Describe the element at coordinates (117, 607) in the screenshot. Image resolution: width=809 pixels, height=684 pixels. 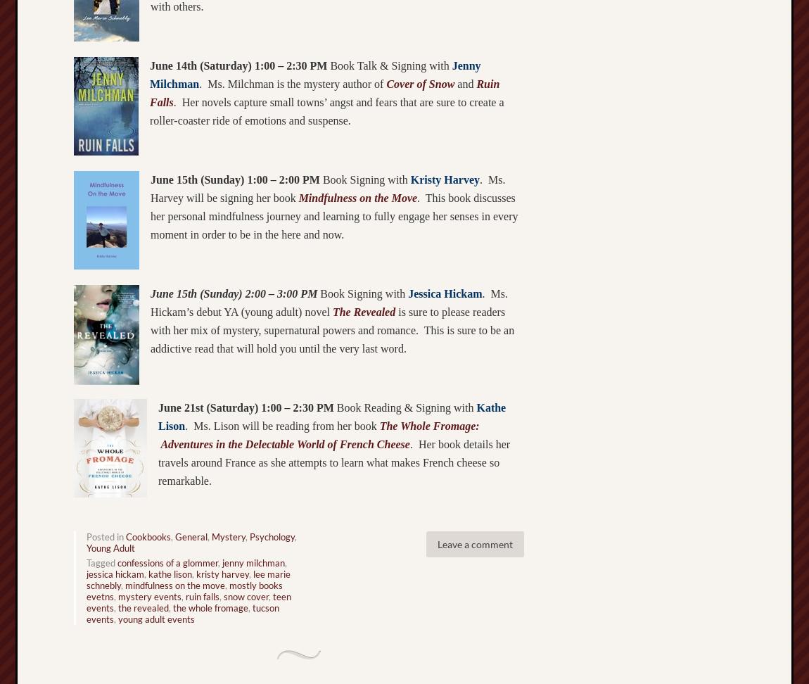
I see `'the revealed'` at that location.